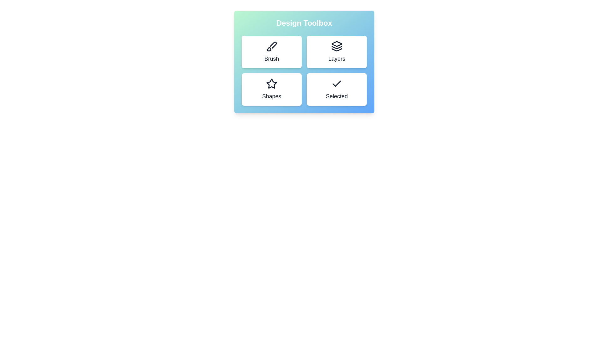 The height and width of the screenshot is (338, 601). Describe the element at coordinates (272, 51) in the screenshot. I see `the button labeled Brush to select or deselect it` at that location.